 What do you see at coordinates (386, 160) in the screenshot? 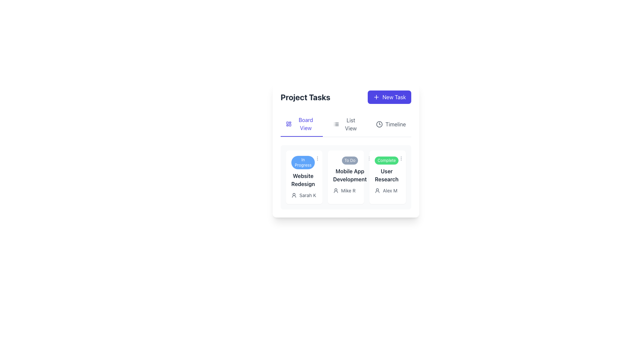
I see `the Status Label located at the top of the 'User Research' panel, which represents the completion state of the associated task` at bounding box center [386, 160].